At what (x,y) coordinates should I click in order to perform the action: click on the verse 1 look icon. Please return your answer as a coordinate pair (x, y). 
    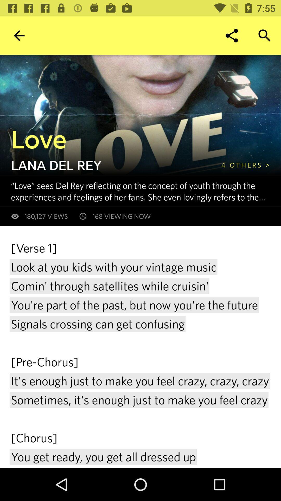
    Looking at the image, I should click on (140, 354).